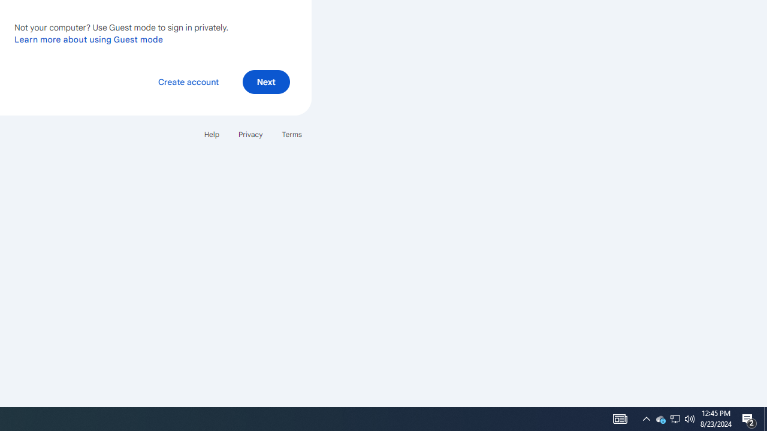  Describe the element at coordinates (292, 134) in the screenshot. I see `'Terms'` at that location.